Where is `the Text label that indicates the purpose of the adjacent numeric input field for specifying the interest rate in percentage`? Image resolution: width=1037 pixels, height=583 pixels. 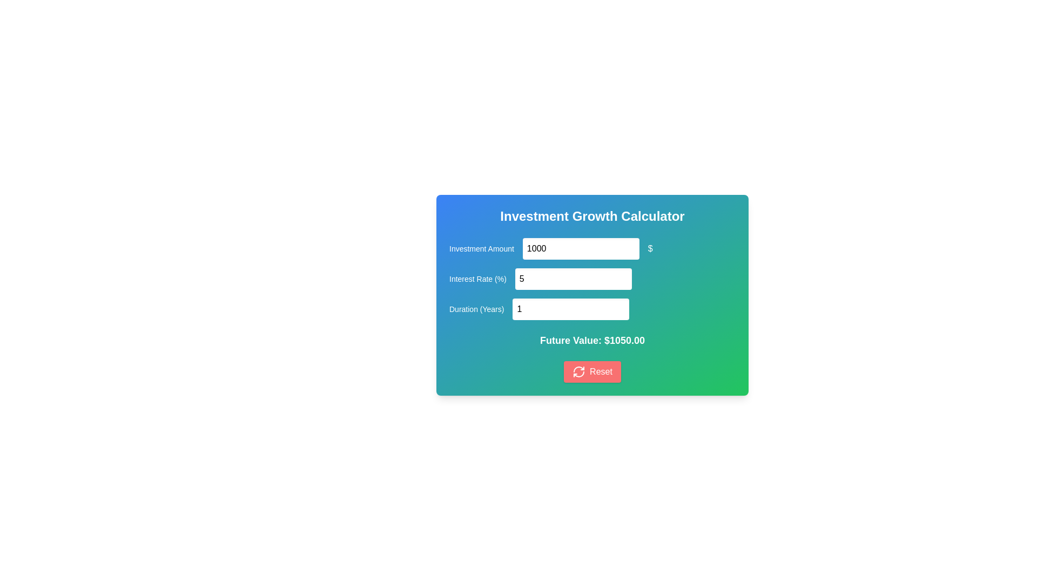 the Text label that indicates the purpose of the adjacent numeric input field for specifying the interest rate in percentage is located at coordinates (477, 278).